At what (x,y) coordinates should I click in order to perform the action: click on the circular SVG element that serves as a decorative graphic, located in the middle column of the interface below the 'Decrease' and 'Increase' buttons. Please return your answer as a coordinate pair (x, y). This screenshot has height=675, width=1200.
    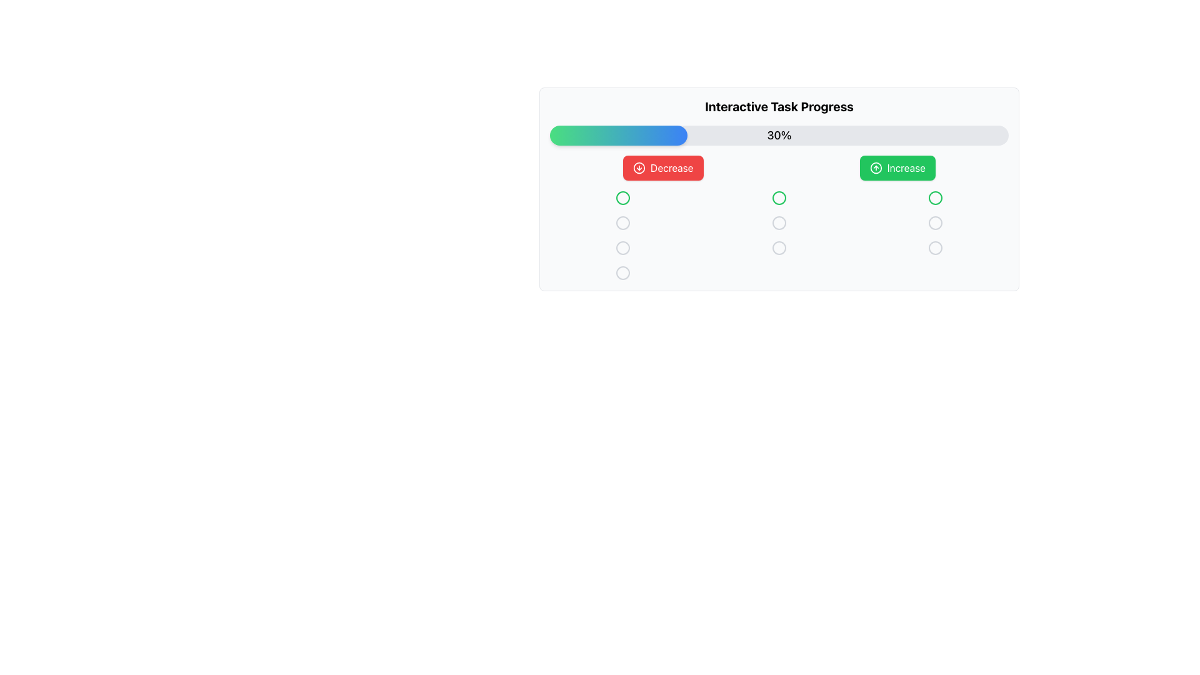
    Looking at the image, I should click on (779, 197).